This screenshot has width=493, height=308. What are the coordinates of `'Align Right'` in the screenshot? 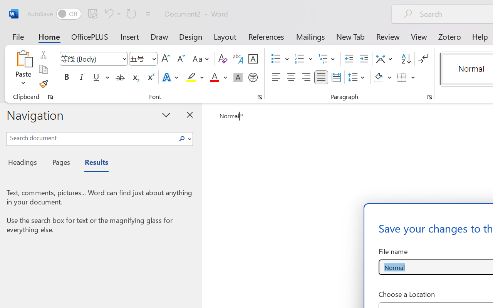 It's located at (305, 77).